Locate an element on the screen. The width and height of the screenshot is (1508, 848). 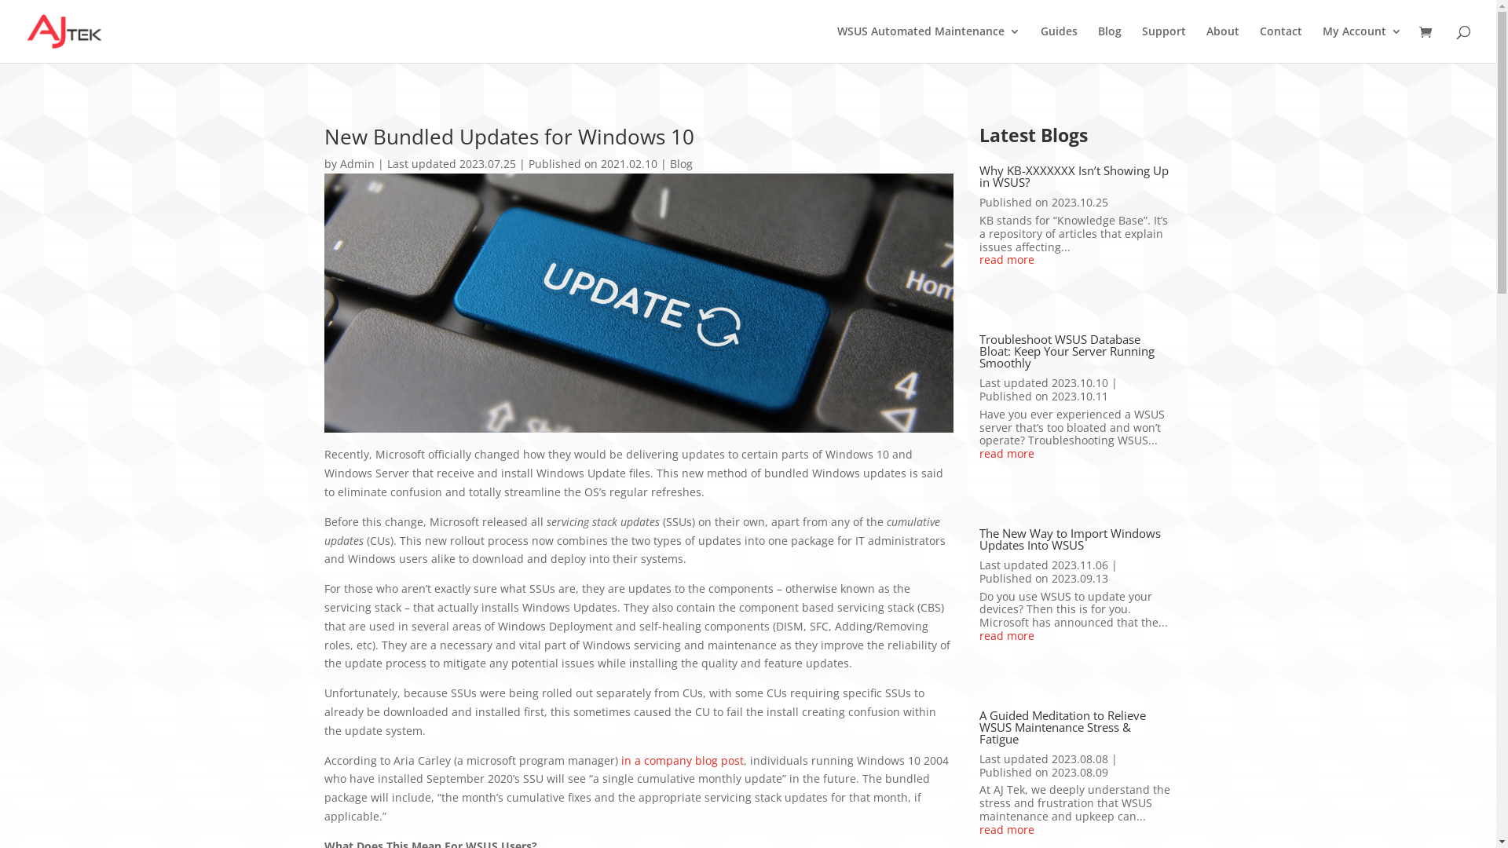
'Support' is located at coordinates (1164, 43).